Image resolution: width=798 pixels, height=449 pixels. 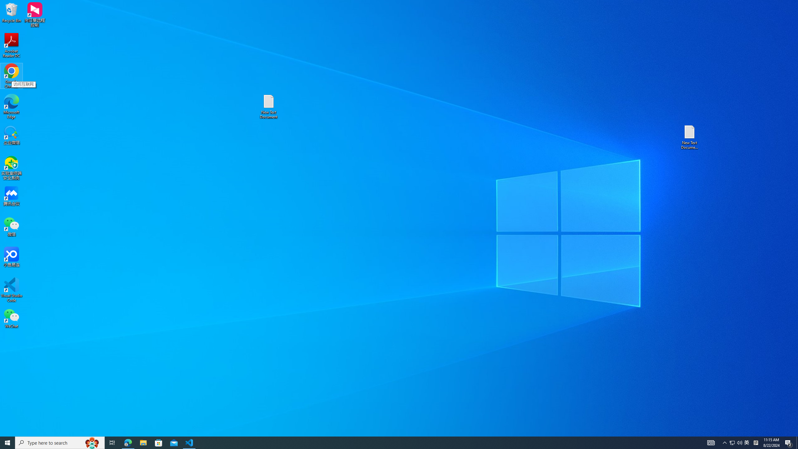 I want to click on 'Start', so click(x=7, y=442).